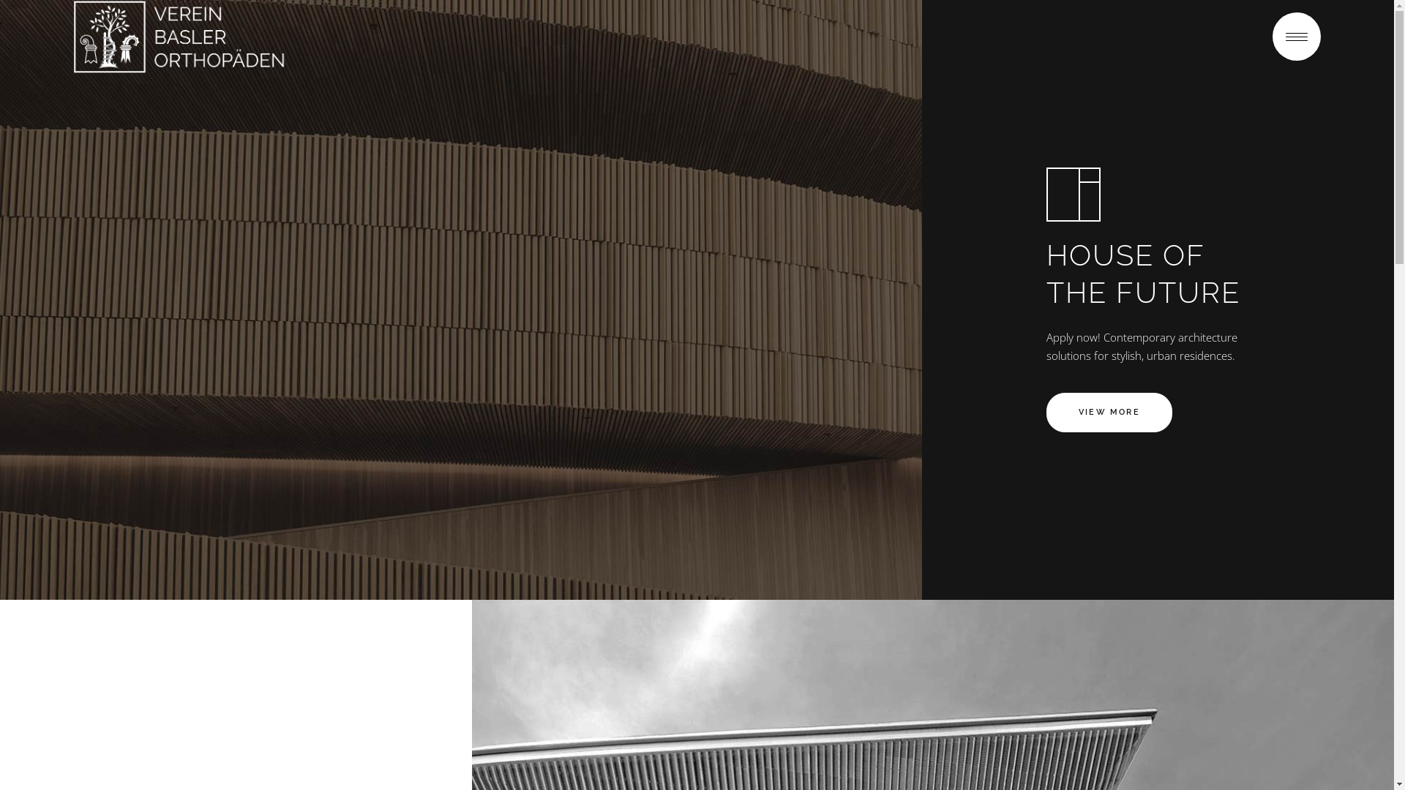 The image size is (1405, 790). Describe the element at coordinates (1109, 412) in the screenshot. I see `'VIEW MORE'` at that location.